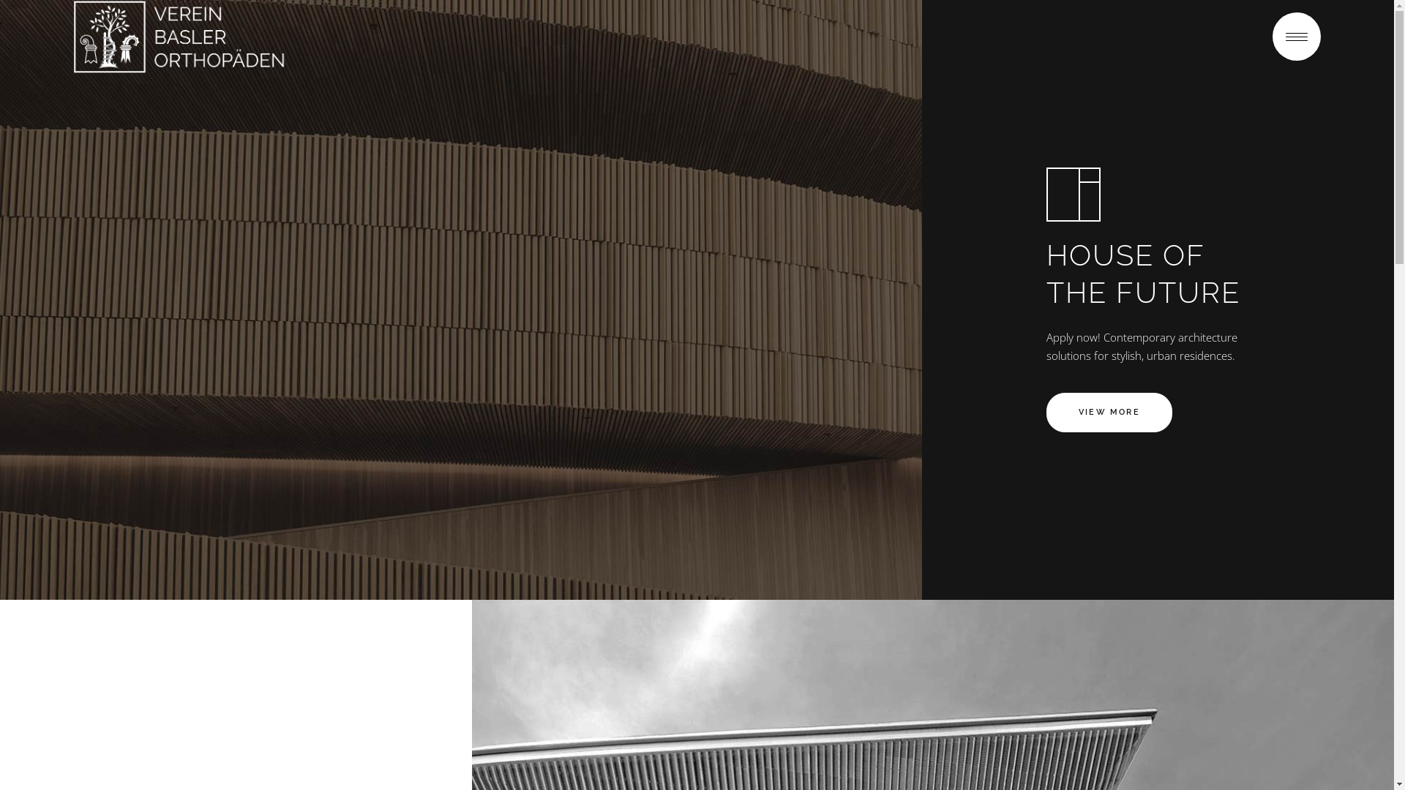 The image size is (1405, 790). Describe the element at coordinates (1109, 412) in the screenshot. I see `'VIEW MORE'` at that location.